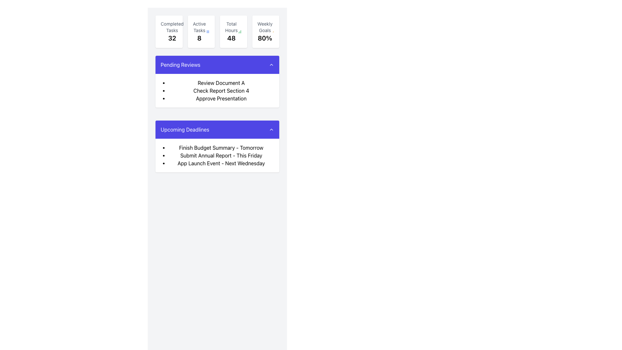 Image resolution: width=622 pixels, height=350 pixels. What do you see at coordinates (221, 91) in the screenshot?
I see `the text element that reads 'Check Report Section 4', which is the second item in the 'Pending Reviews' list` at bounding box center [221, 91].